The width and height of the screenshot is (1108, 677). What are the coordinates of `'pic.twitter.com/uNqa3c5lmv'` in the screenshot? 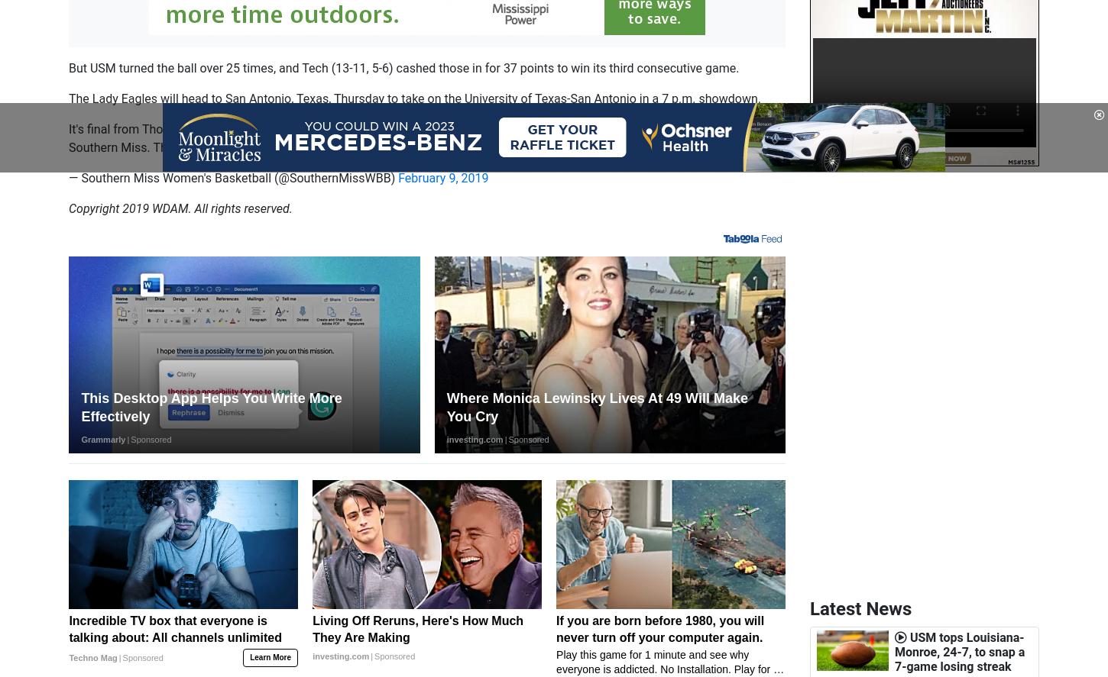 It's located at (578, 146).